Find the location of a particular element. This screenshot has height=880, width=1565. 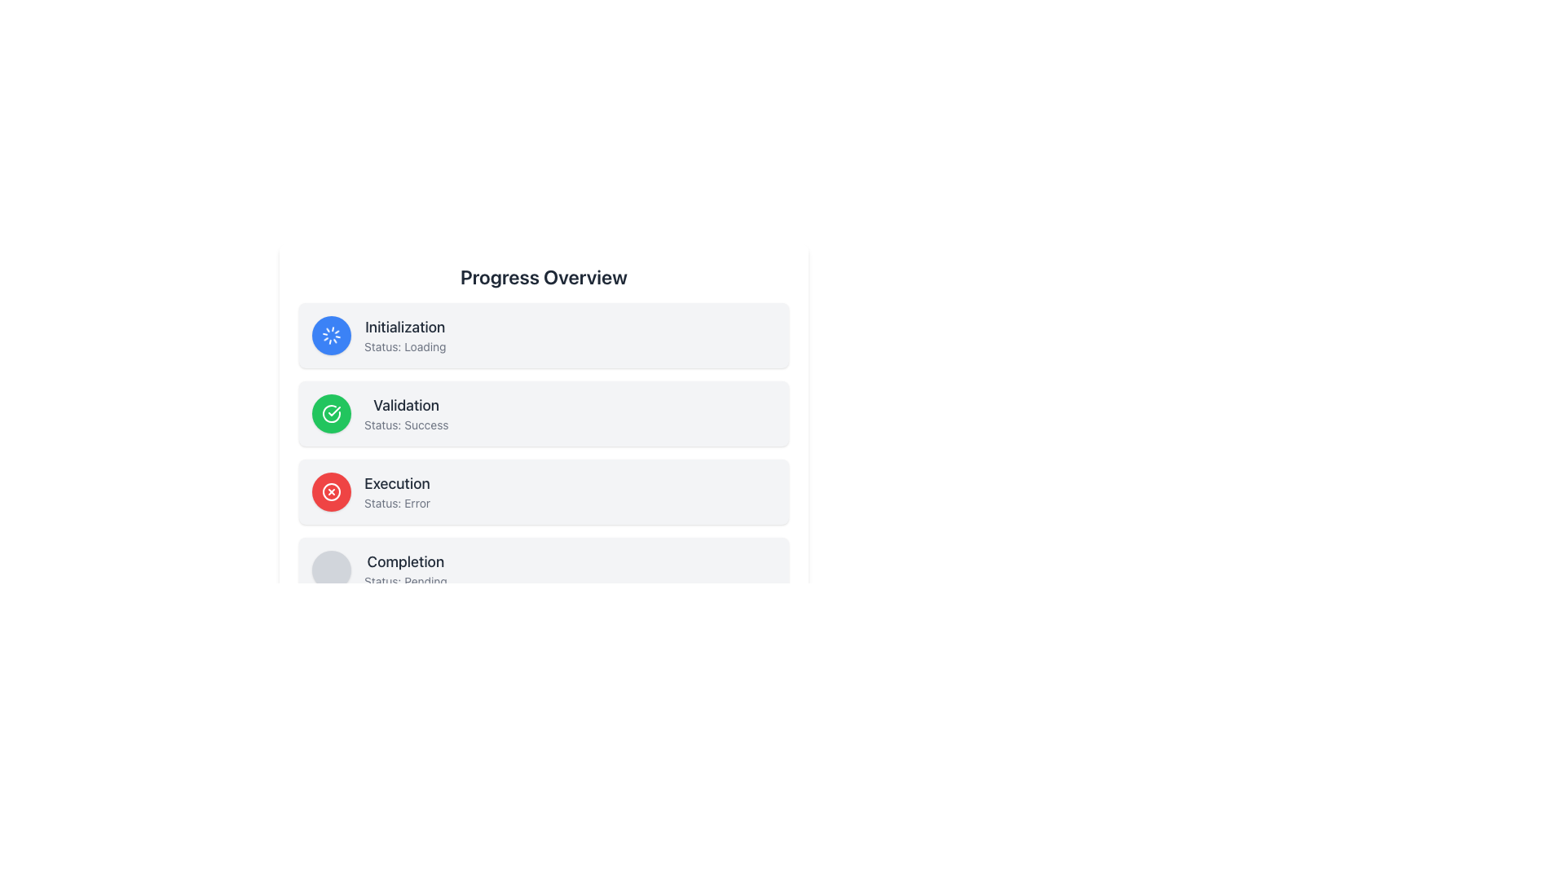

the third Informative status card indicating an error in the 'Execution' task is located at coordinates (544, 491).